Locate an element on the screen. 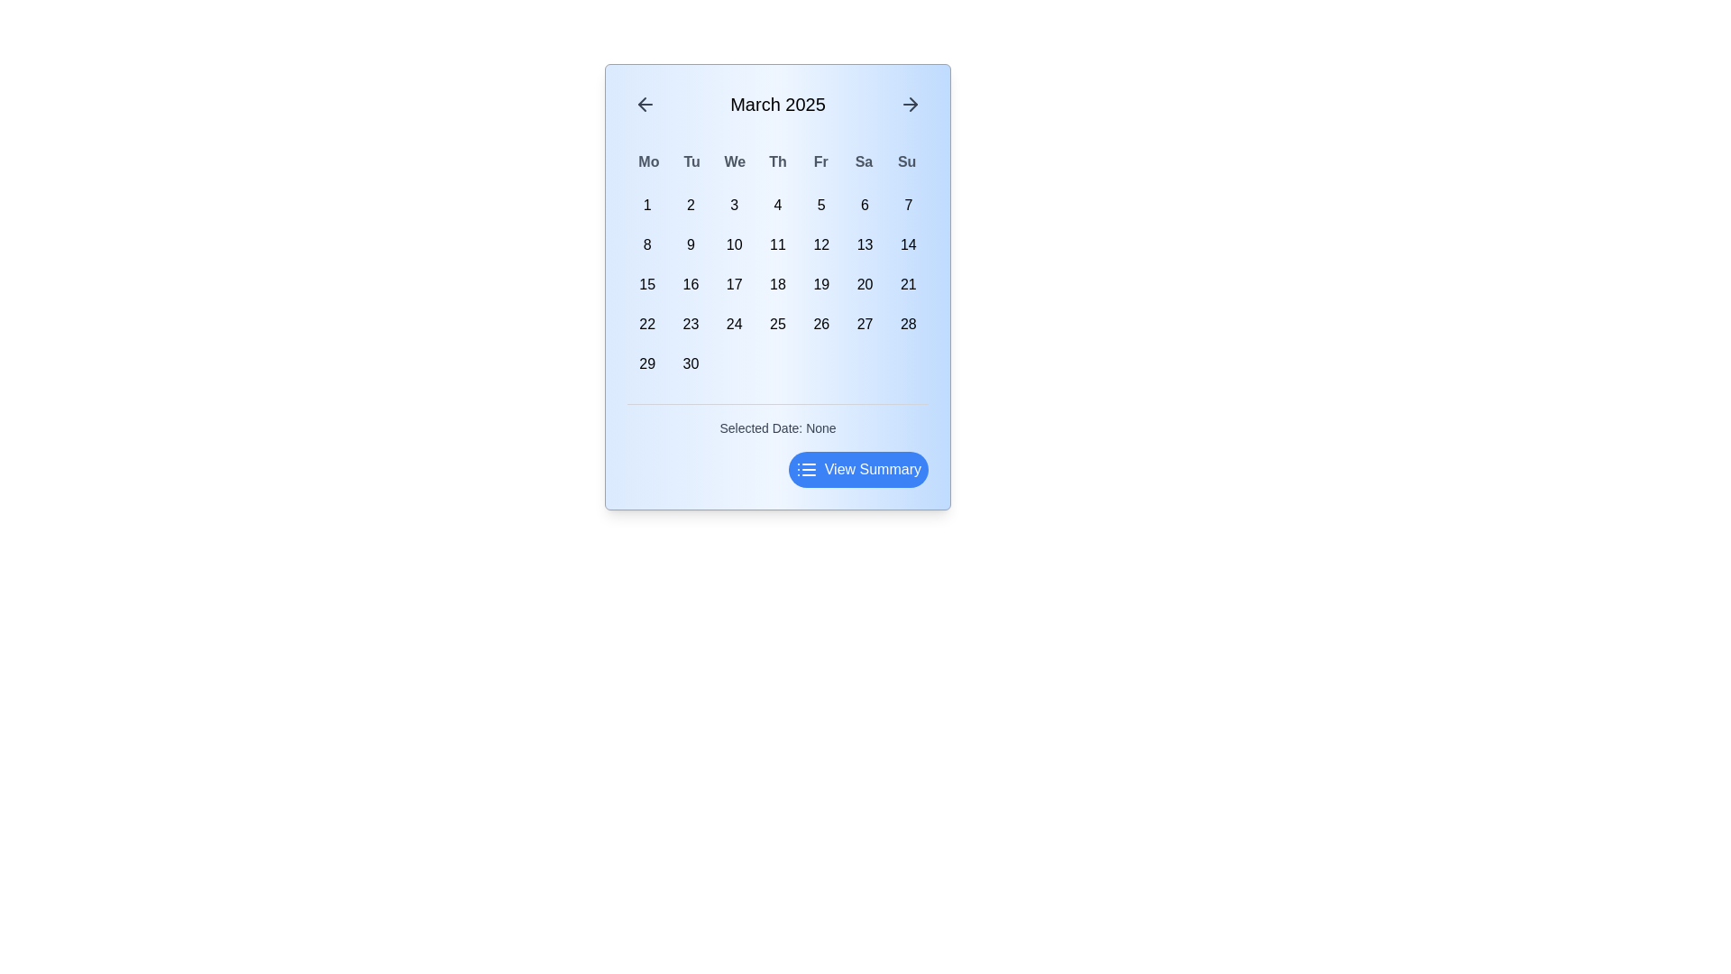  the circular button displaying the number '18' in the calendar grid is located at coordinates (778, 284).